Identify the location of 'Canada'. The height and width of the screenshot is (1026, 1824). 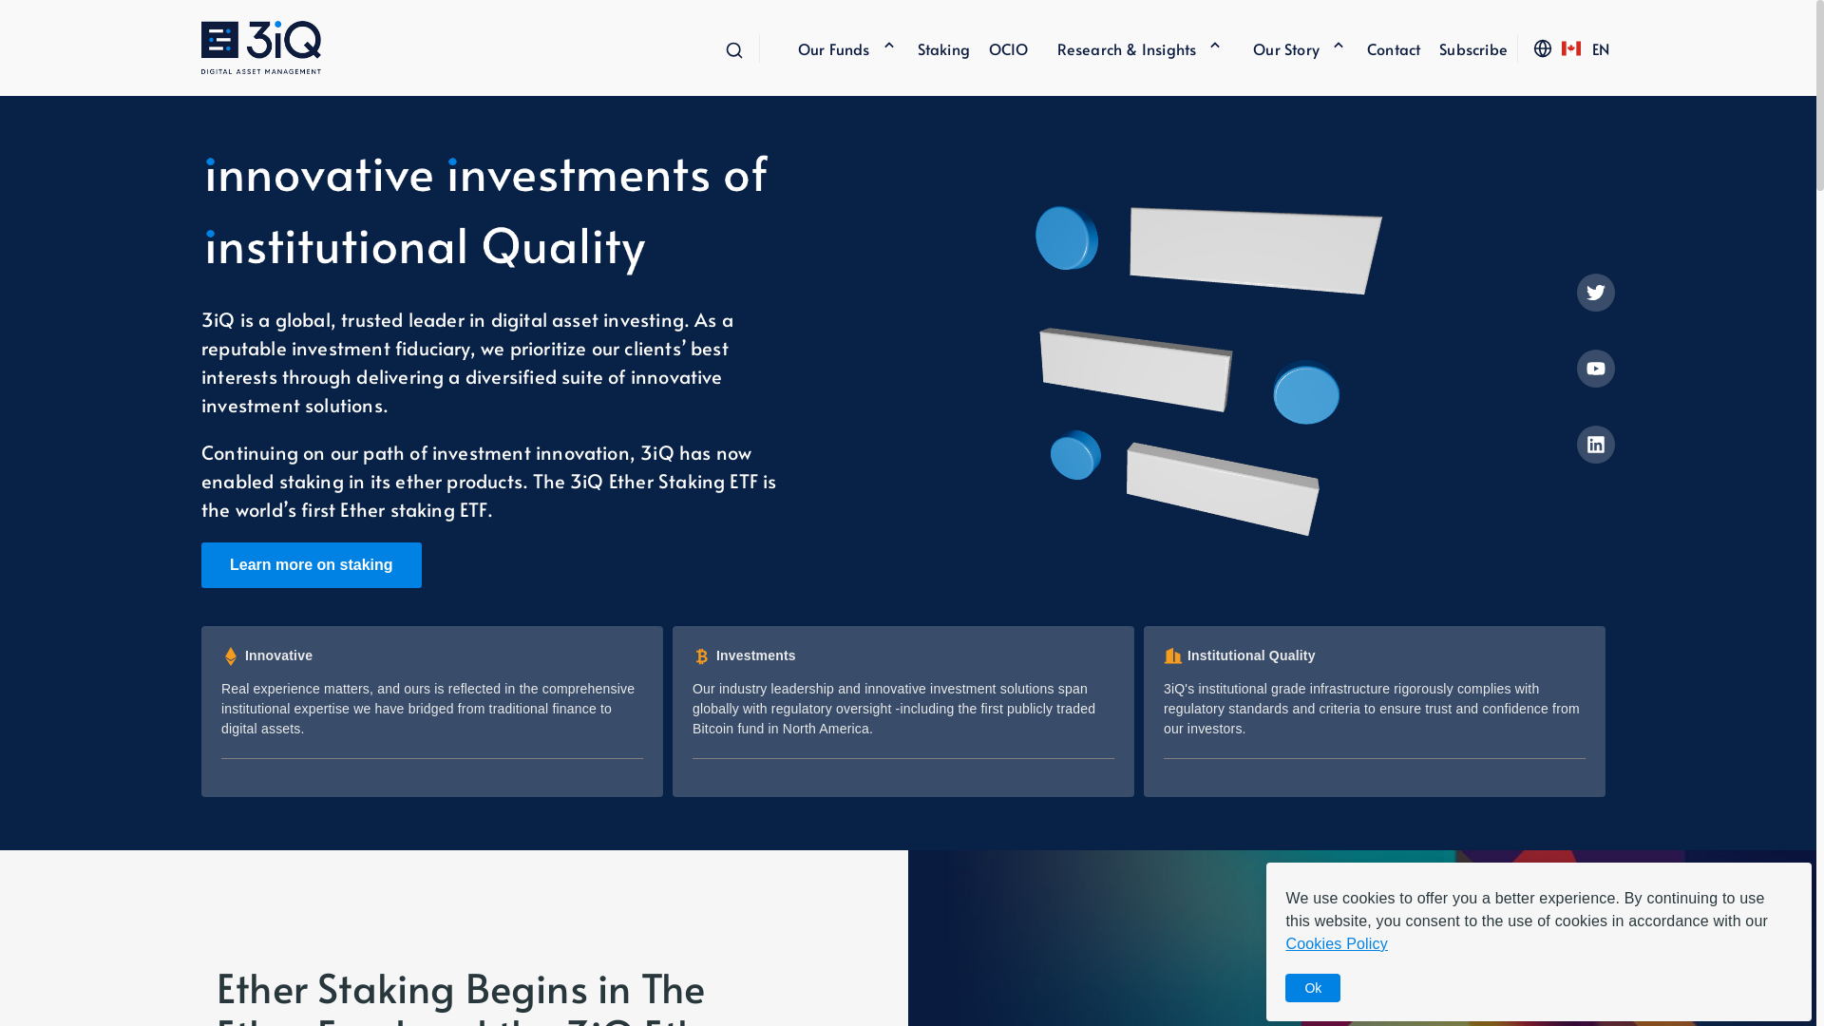
(1571, 47).